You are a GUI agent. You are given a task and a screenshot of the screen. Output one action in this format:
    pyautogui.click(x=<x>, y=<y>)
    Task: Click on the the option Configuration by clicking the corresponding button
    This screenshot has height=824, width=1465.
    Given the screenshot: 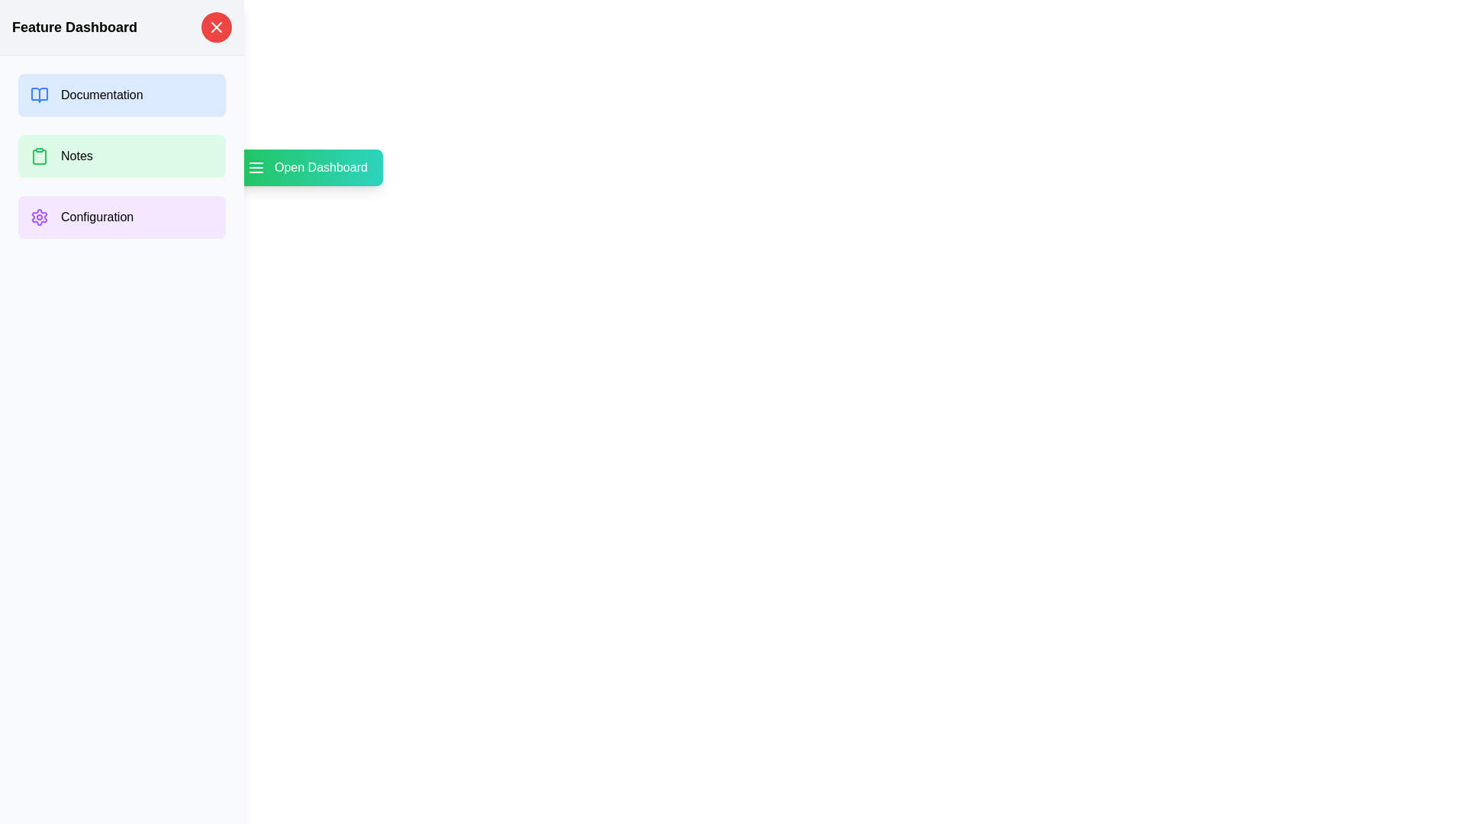 What is the action you would take?
    pyautogui.click(x=121, y=217)
    